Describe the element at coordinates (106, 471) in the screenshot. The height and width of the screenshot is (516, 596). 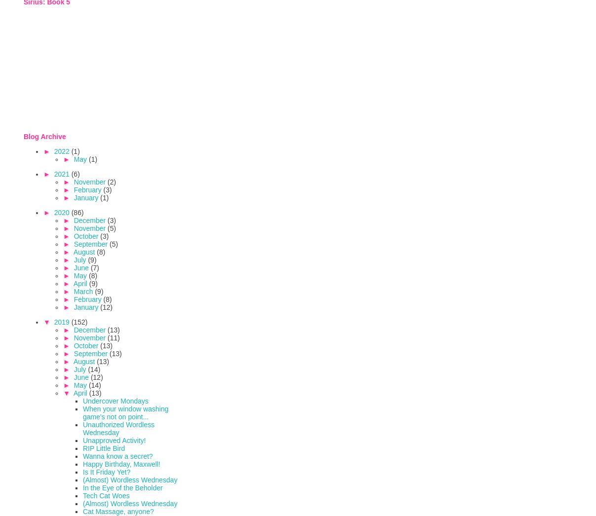
I see `'Is It Friday Yet?'` at that location.